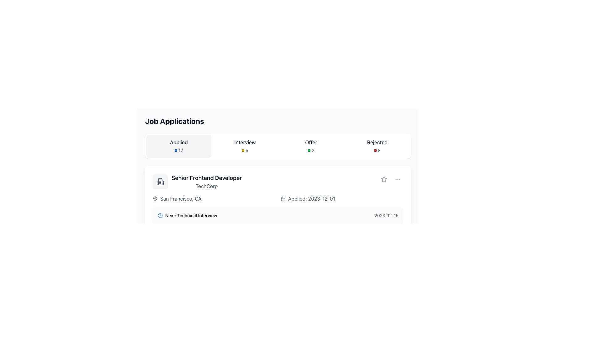 Image resolution: width=602 pixels, height=338 pixels. Describe the element at coordinates (377, 151) in the screenshot. I see `the numeric indicator label representing the count of rejected applications, located to the right of the 'Rejected' label in the header bar of the job application dashboard` at that location.